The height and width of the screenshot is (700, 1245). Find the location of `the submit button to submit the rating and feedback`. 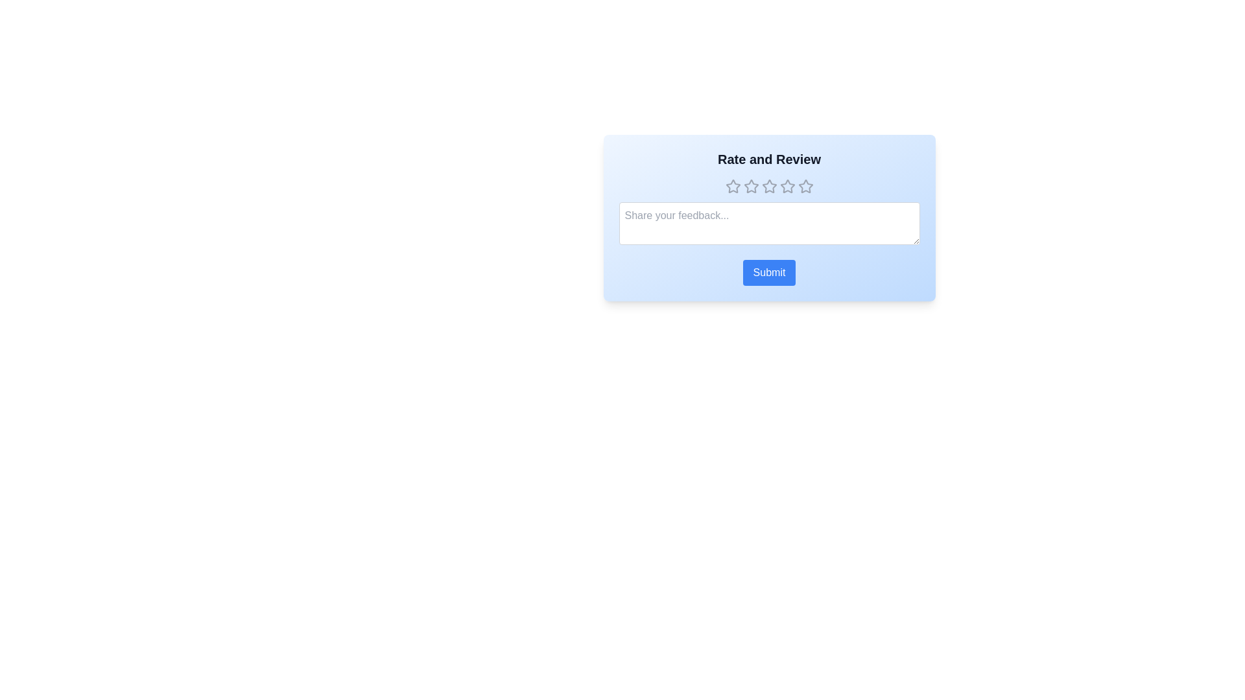

the submit button to submit the rating and feedback is located at coordinates (769, 272).